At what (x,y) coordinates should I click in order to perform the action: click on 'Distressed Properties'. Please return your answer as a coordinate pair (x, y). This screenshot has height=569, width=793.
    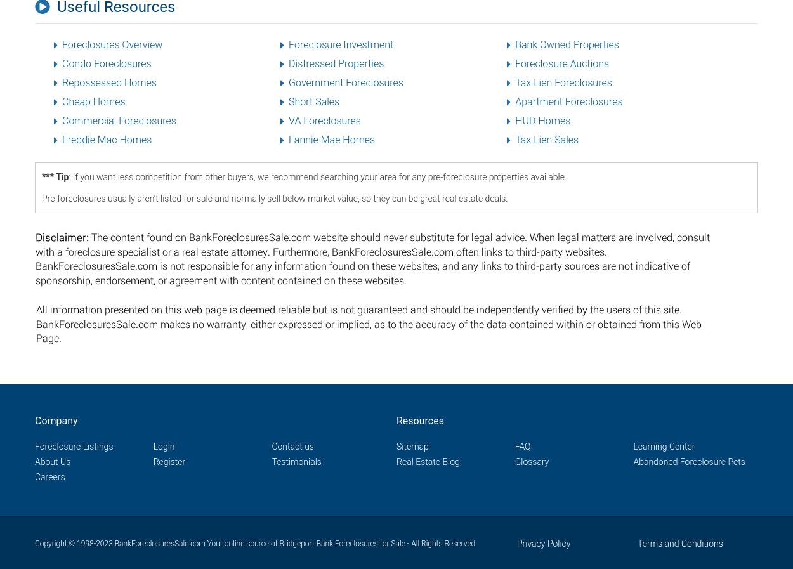
    Looking at the image, I should click on (336, 63).